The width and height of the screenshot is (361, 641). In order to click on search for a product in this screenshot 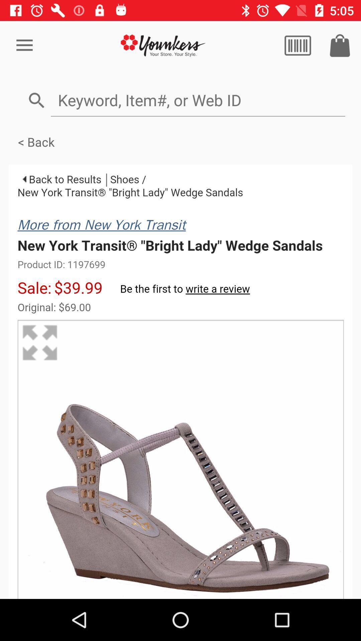, I will do `click(198, 99)`.